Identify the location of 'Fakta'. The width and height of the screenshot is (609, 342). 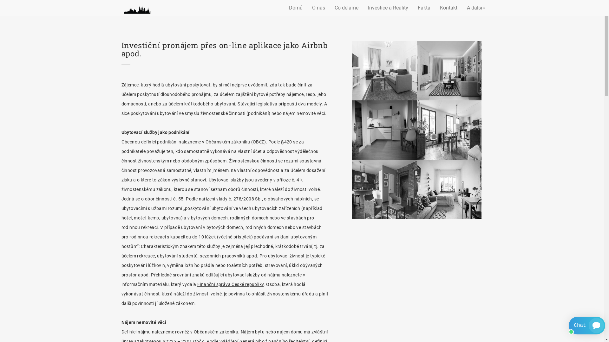
(424, 8).